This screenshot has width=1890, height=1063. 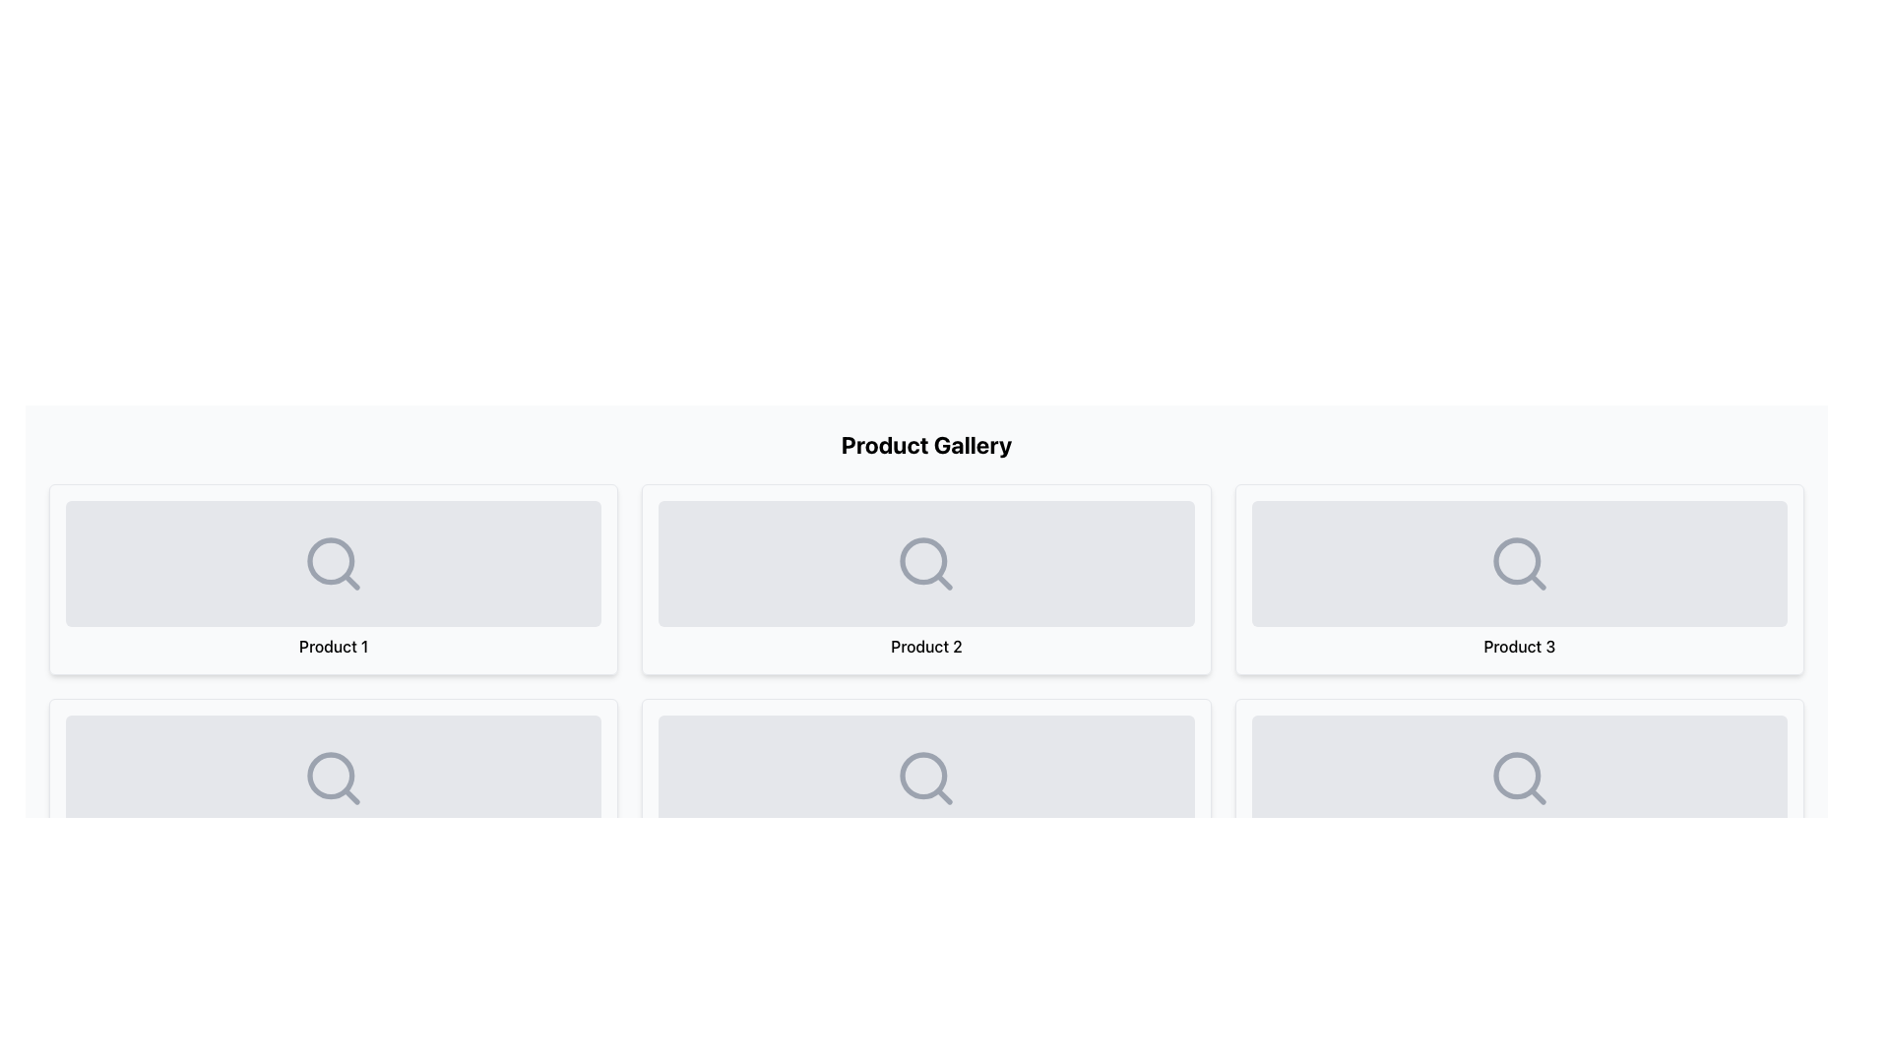 I want to click on the bold, large text label 'Product Gallery' that is centered at the top of the page layout, which serves as a key title above the product display grid, so click(x=925, y=444).